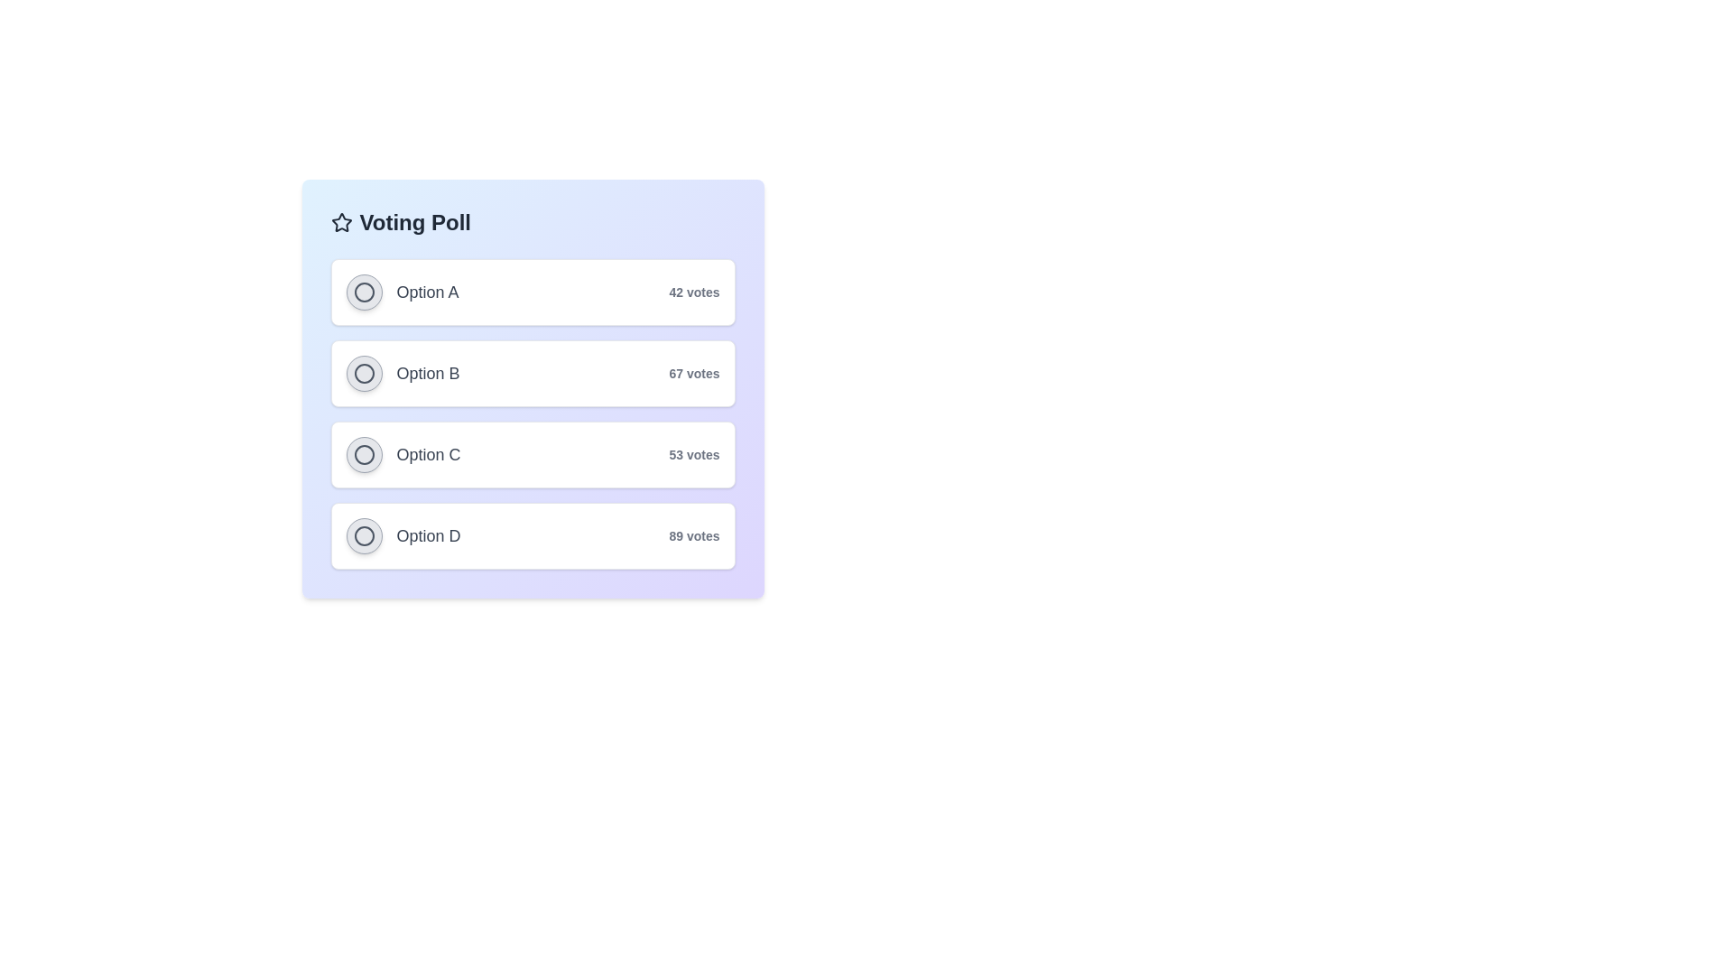 Image resolution: width=1733 pixels, height=975 pixels. What do you see at coordinates (363, 454) in the screenshot?
I see `the radio button for 'Option C', which is the third circular icon in the vertical list of options in the voting poll` at bounding box center [363, 454].